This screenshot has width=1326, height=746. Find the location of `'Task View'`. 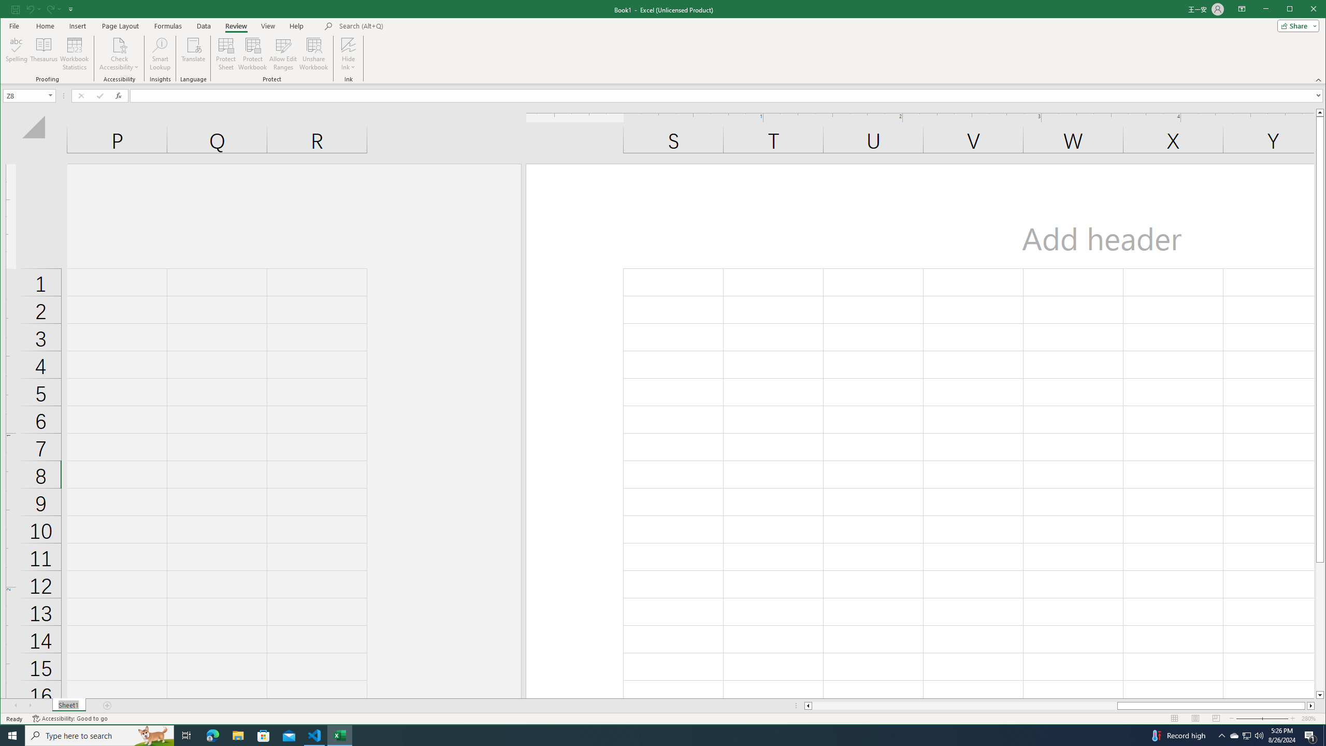

'Task View' is located at coordinates (185, 735).